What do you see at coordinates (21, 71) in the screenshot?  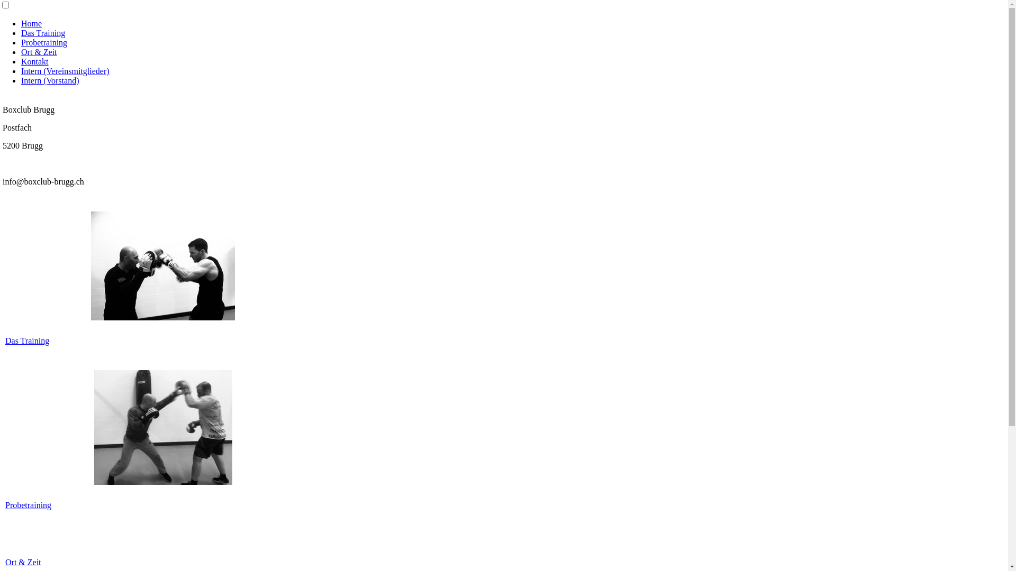 I see `'Intern (Vereinsmitglieder)'` at bounding box center [21, 71].